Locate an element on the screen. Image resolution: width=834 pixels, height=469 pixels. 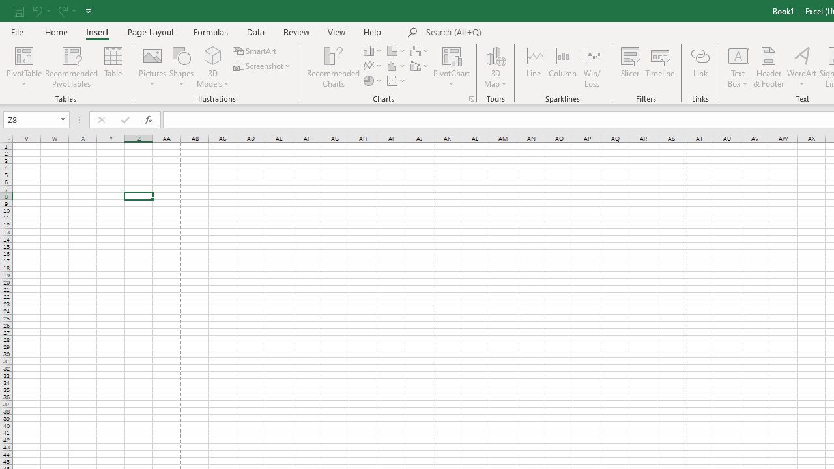
'3D Models' is located at coordinates (213, 67).